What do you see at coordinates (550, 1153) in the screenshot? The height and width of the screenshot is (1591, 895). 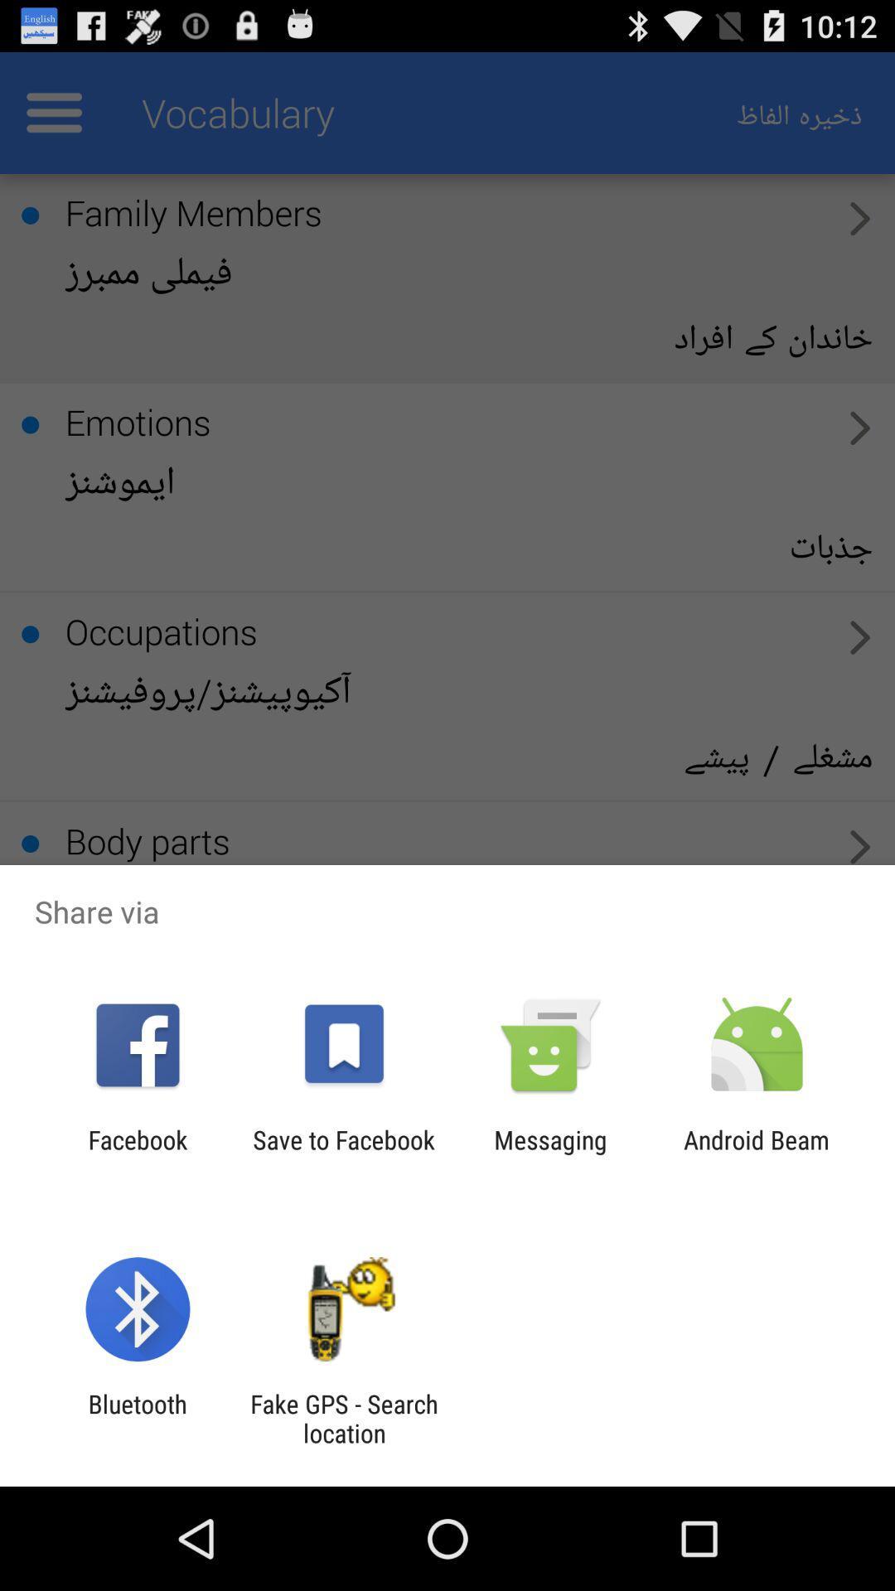 I see `the item next to android beam app` at bounding box center [550, 1153].